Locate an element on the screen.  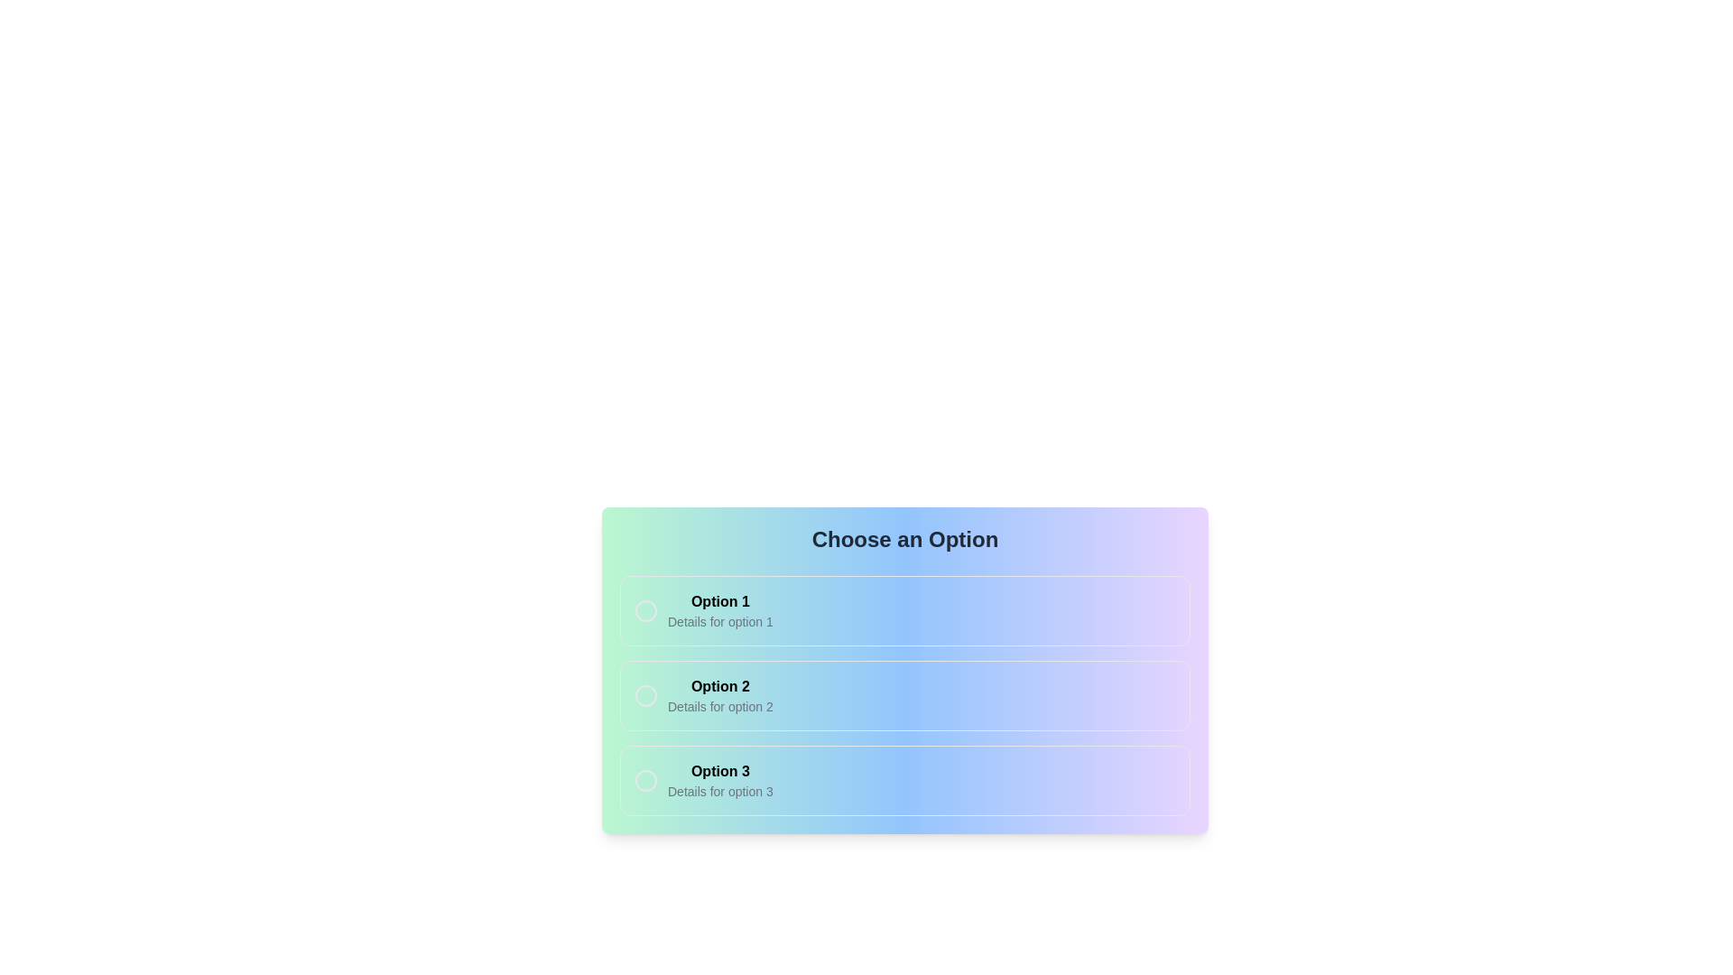
the text label displaying 'Option 3' with the description 'Details for option 3' in the third selectable option block is located at coordinates (719, 779).